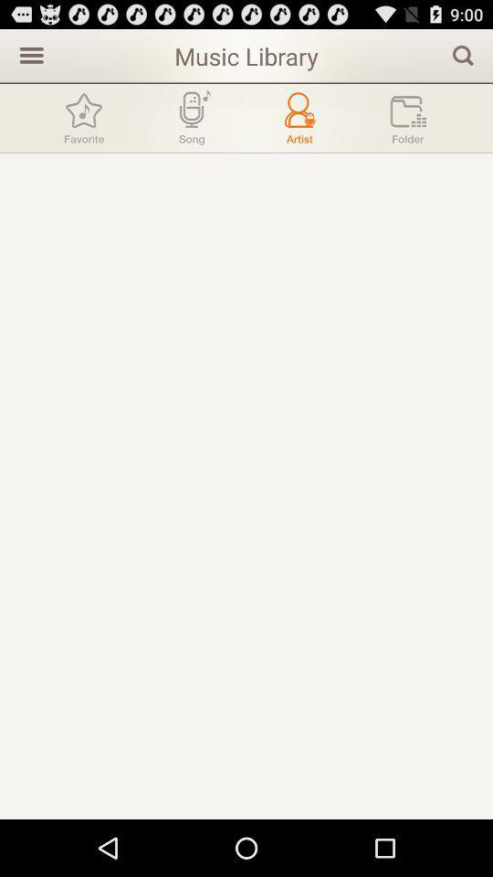 This screenshot has height=877, width=493. Describe the element at coordinates (191, 117) in the screenshot. I see `song` at that location.